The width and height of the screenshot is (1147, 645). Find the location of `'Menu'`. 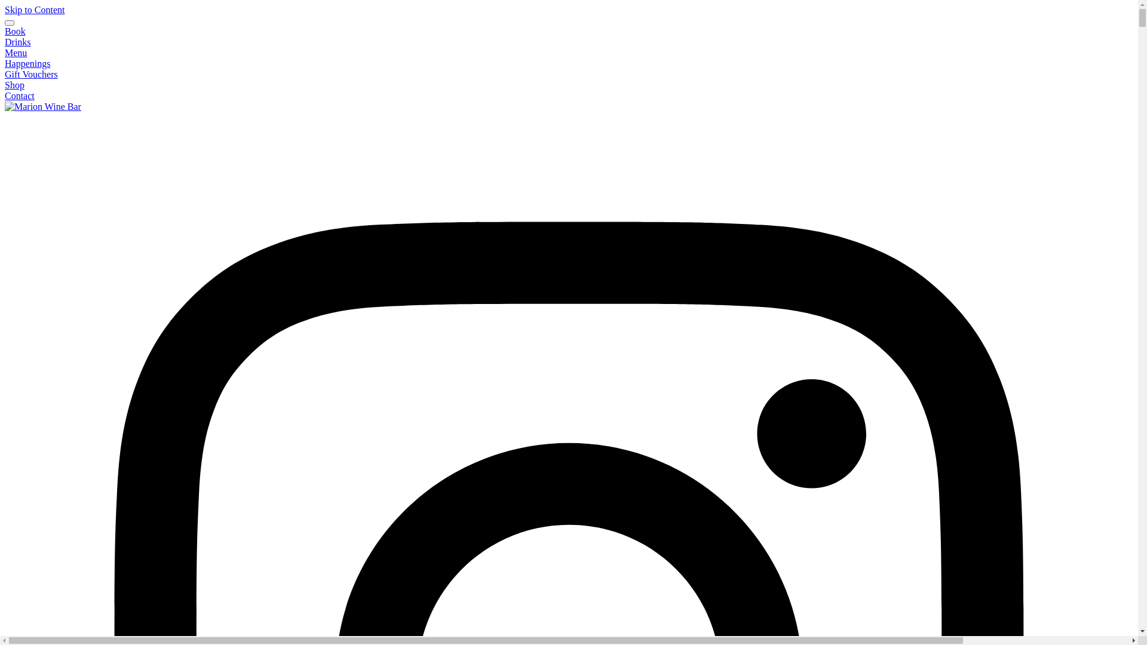

'Menu' is located at coordinates (5, 52).